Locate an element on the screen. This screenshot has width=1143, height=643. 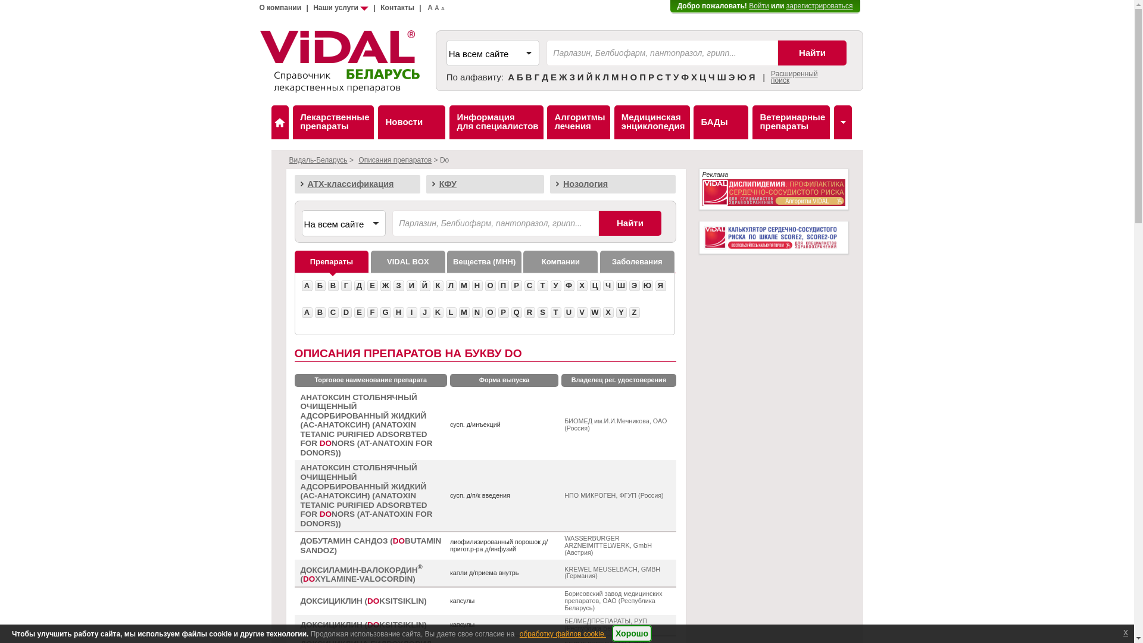
'Z' is located at coordinates (628, 311).